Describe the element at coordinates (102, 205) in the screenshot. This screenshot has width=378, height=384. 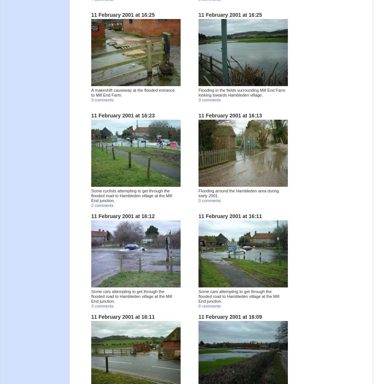
I see `'2 comments'` at that location.